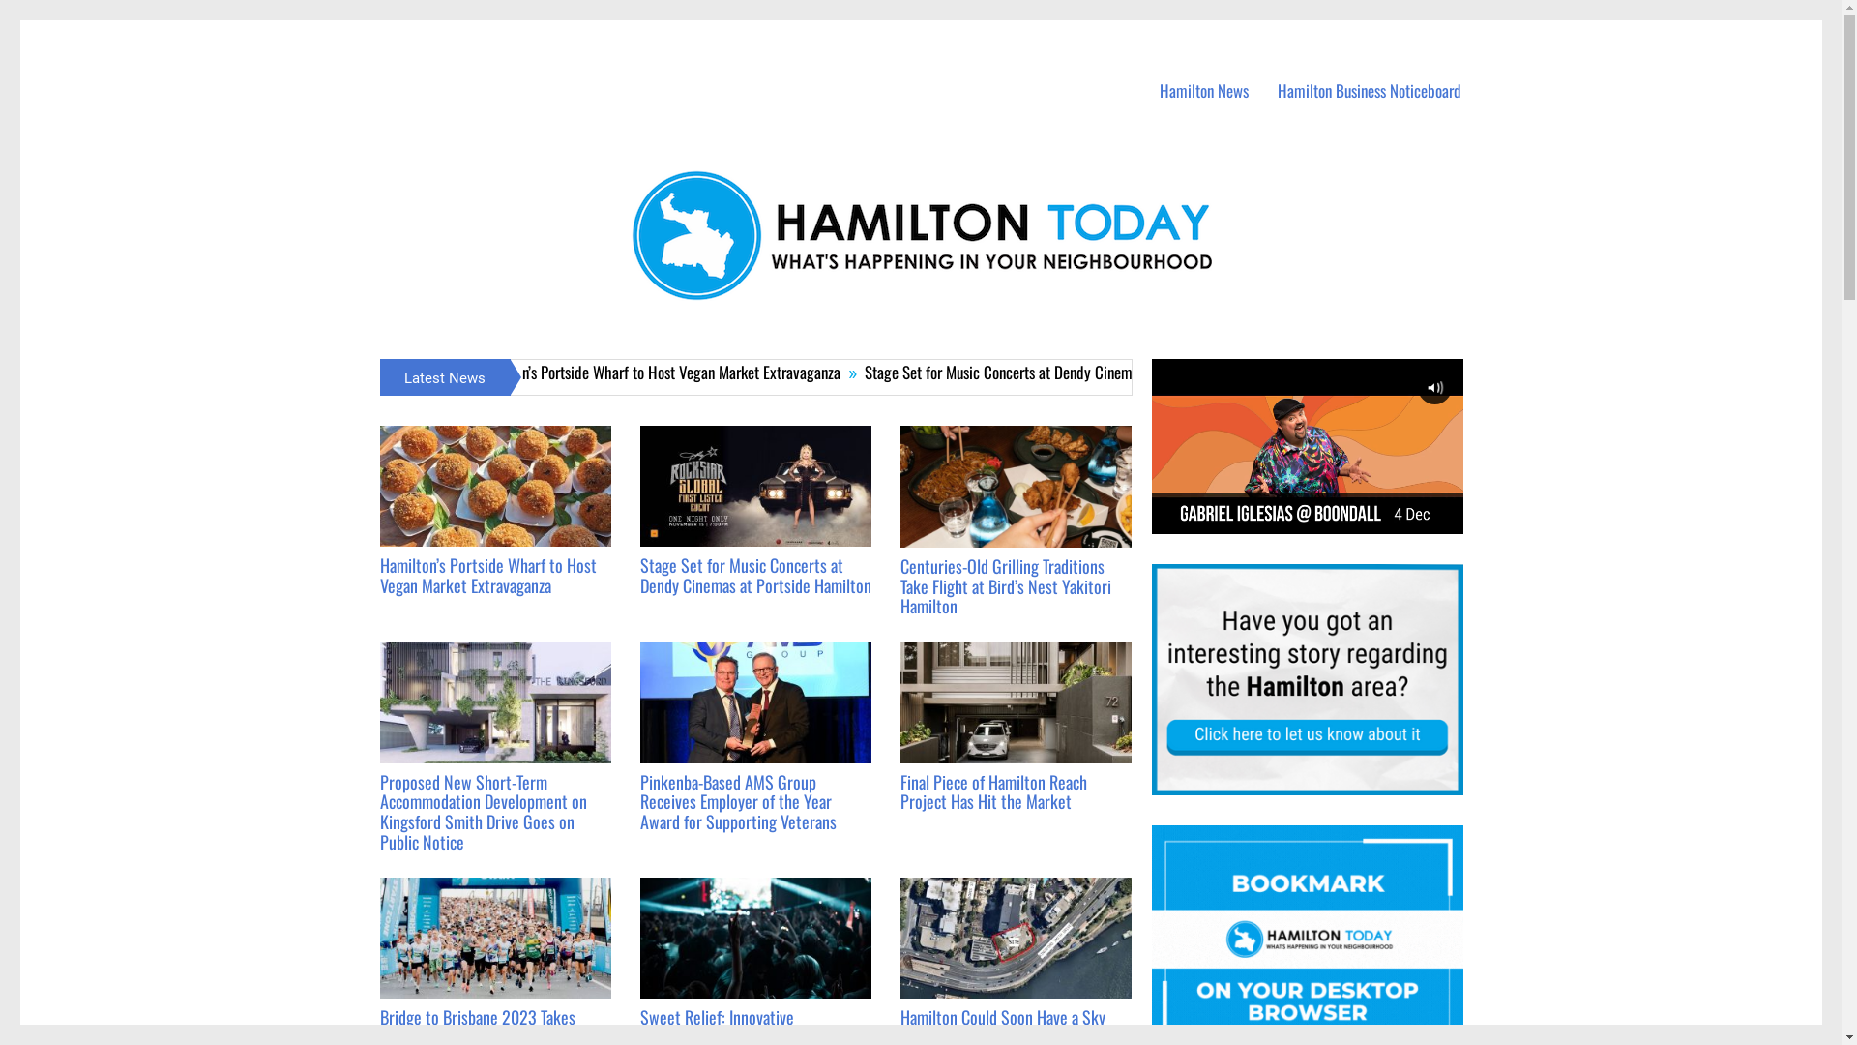 The width and height of the screenshot is (1857, 1045). Describe the element at coordinates (1369, 91) in the screenshot. I see `'Hamilton Business Noticeboard'` at that location.